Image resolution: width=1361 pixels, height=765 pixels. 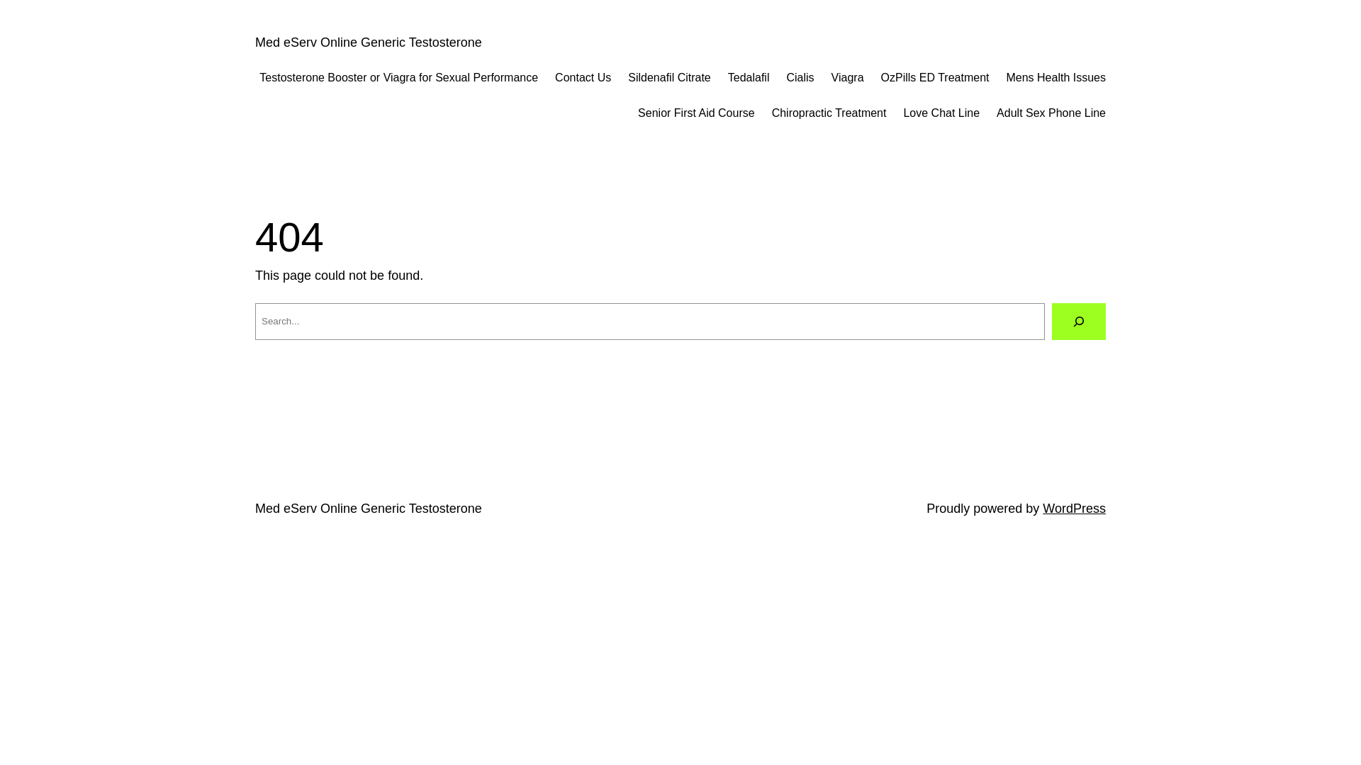 I want to click on 'Viagra', so click(x=847, y=78).